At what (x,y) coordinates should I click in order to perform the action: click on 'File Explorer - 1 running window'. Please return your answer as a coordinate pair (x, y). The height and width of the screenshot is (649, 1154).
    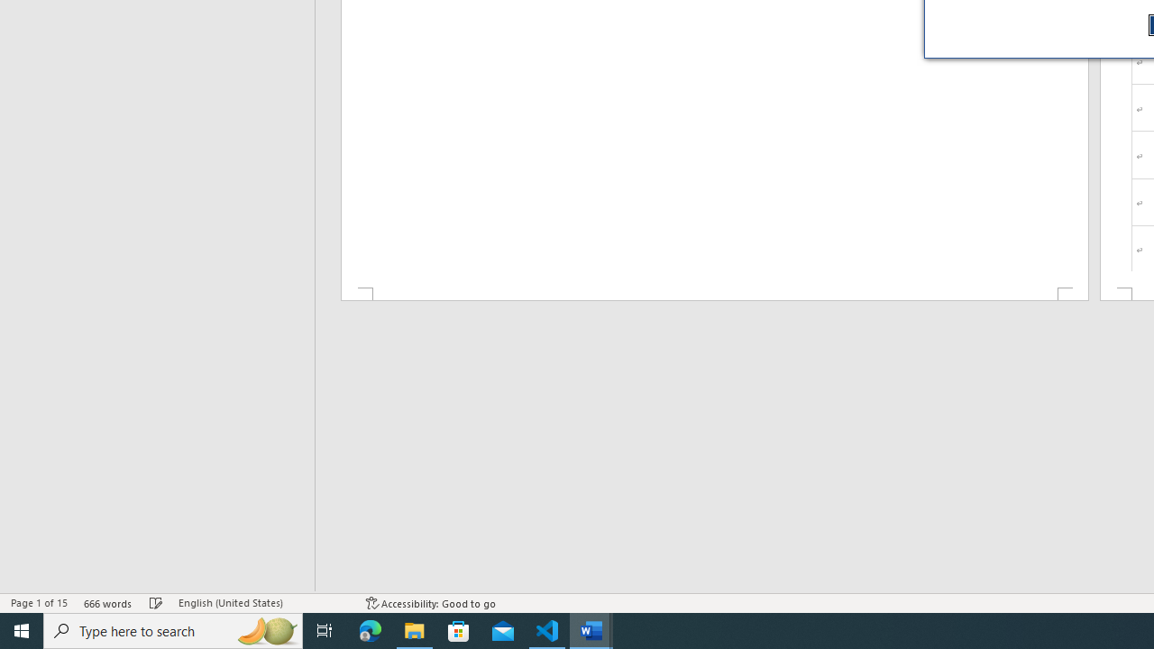
    Looking at the image, I should click on (414, 629).